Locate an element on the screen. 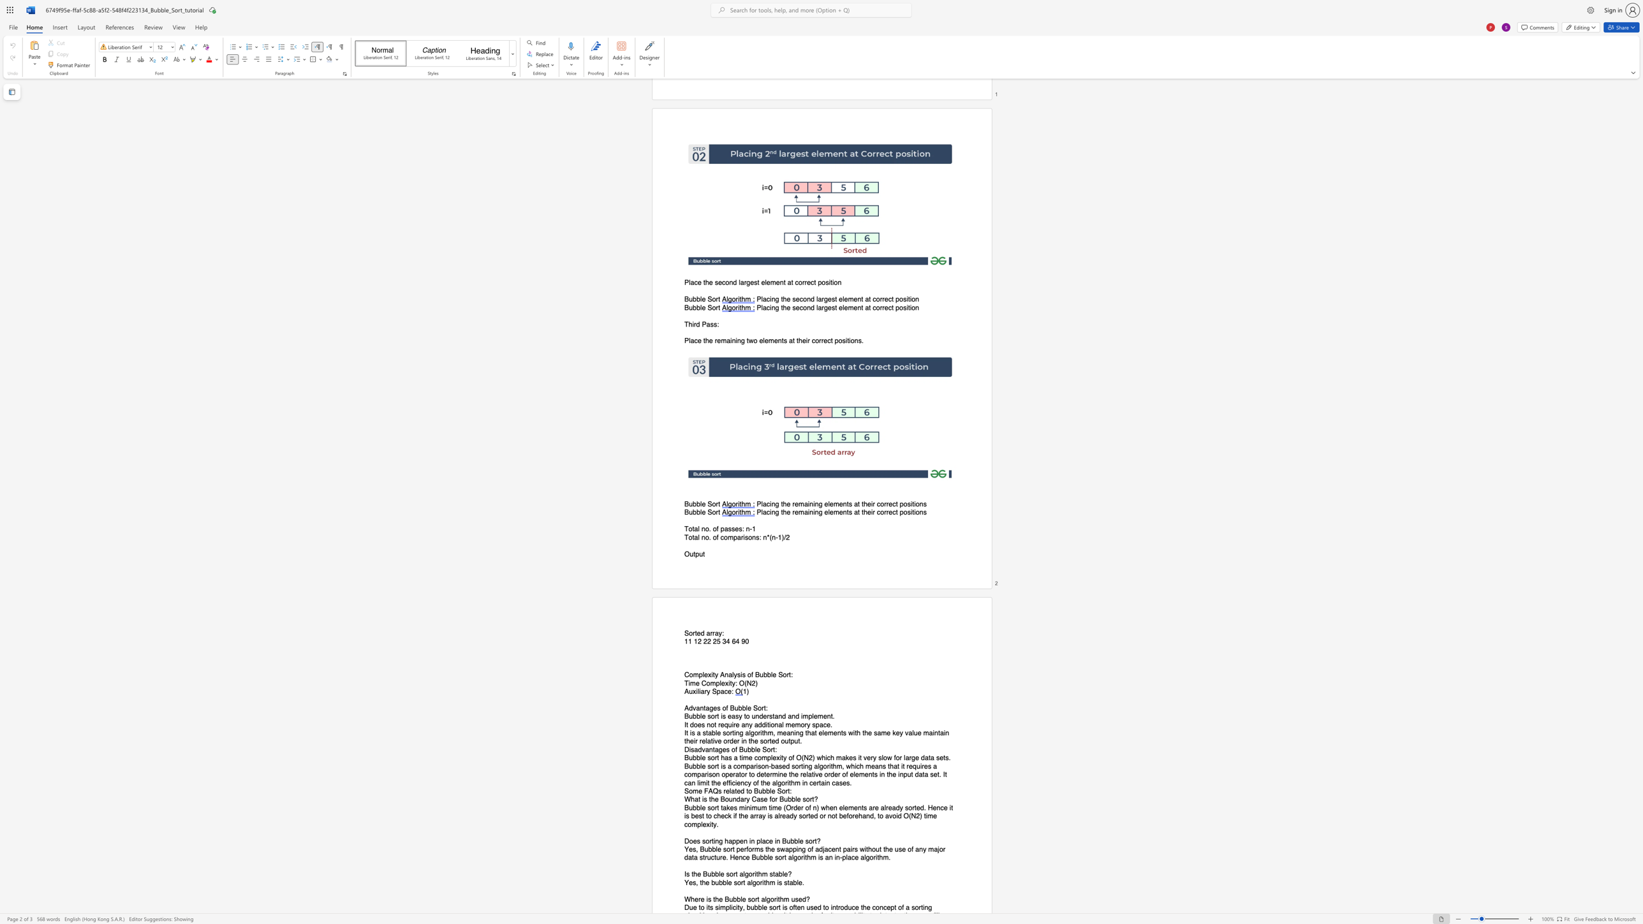 The height and width of the screenshot is (924, 1643). the 2th character "n" in the text is located at coordinates (745, 840).